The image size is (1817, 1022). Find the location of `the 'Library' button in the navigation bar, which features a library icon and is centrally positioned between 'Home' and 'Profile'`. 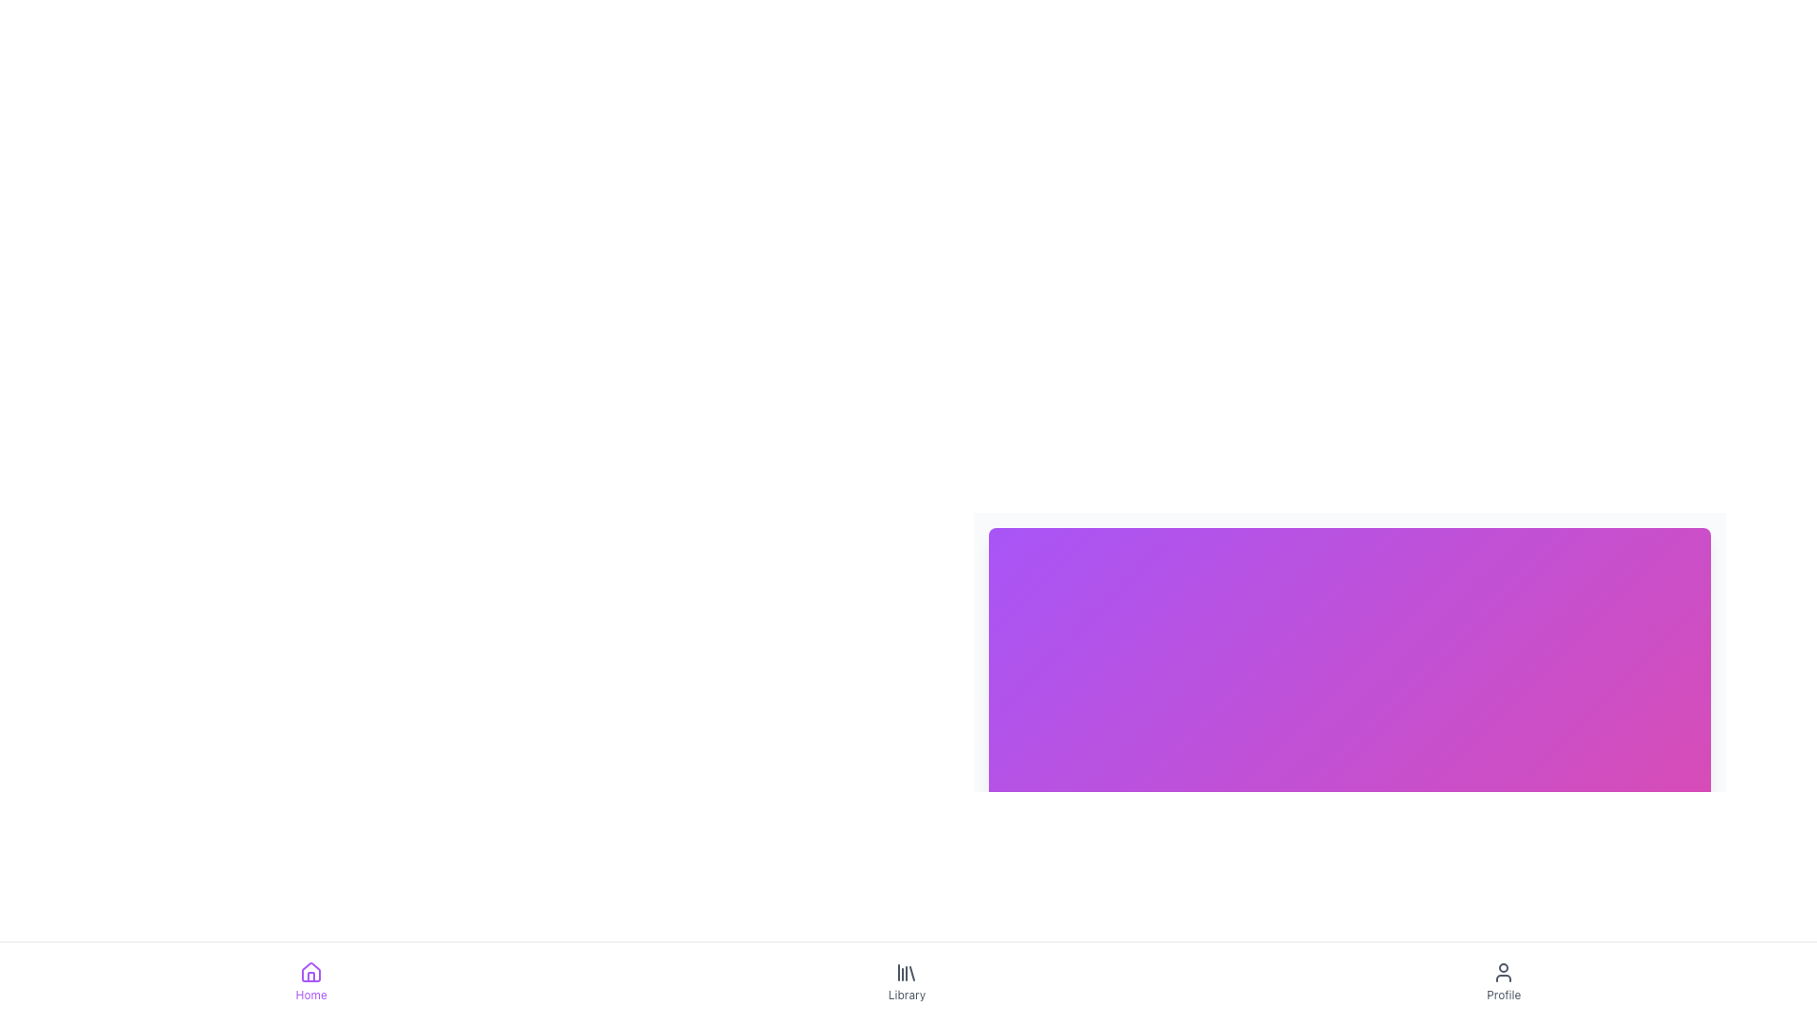

the 'Library' button in the navigation bar, which features a library icon and is centrally positioned between 'Home' and 'Profile' is located at coordinates (906, 980).